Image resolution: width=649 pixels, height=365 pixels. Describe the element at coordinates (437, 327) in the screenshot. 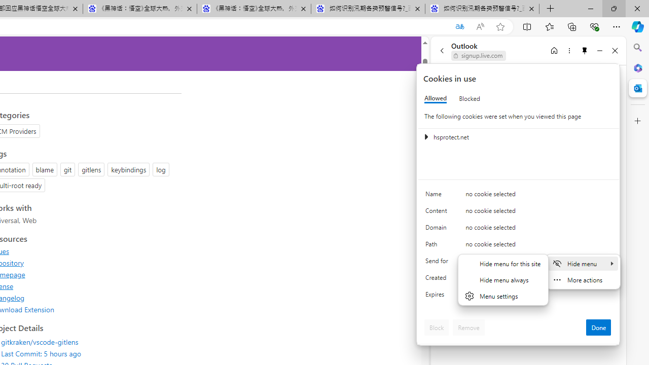

I see `'Block'` at that location.